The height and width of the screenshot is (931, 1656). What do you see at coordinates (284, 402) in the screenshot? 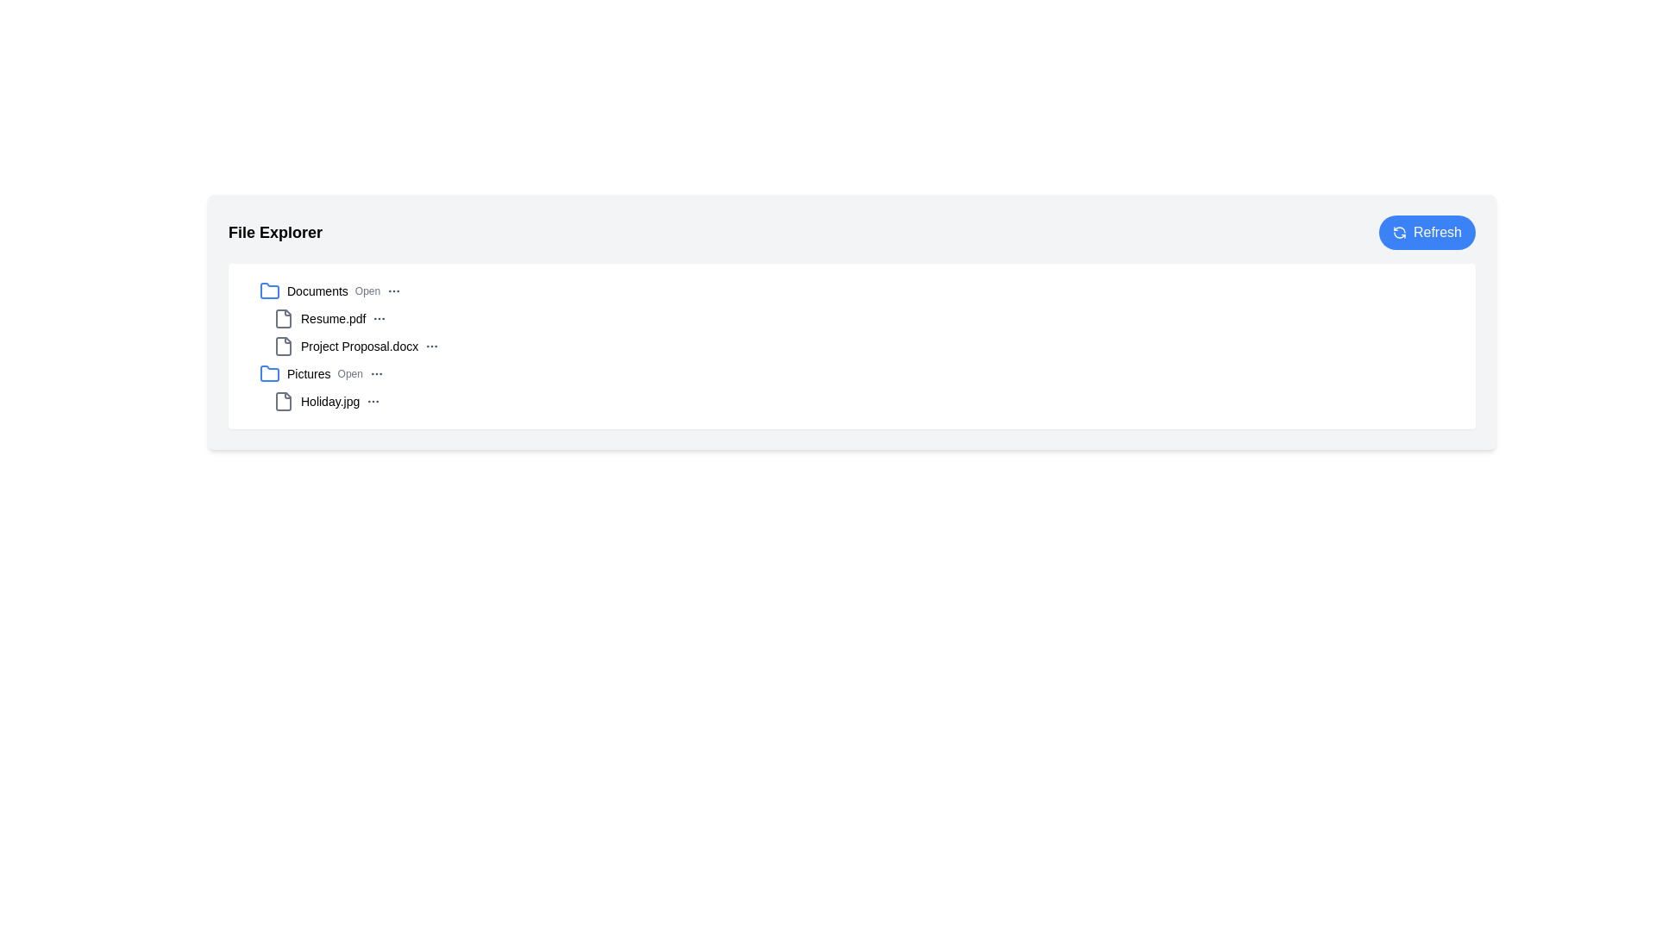
I see `the document file icon representing 'Holiday.jpg' located near the bottom of the item list in the file explorer` at bounding box center [284, 402].